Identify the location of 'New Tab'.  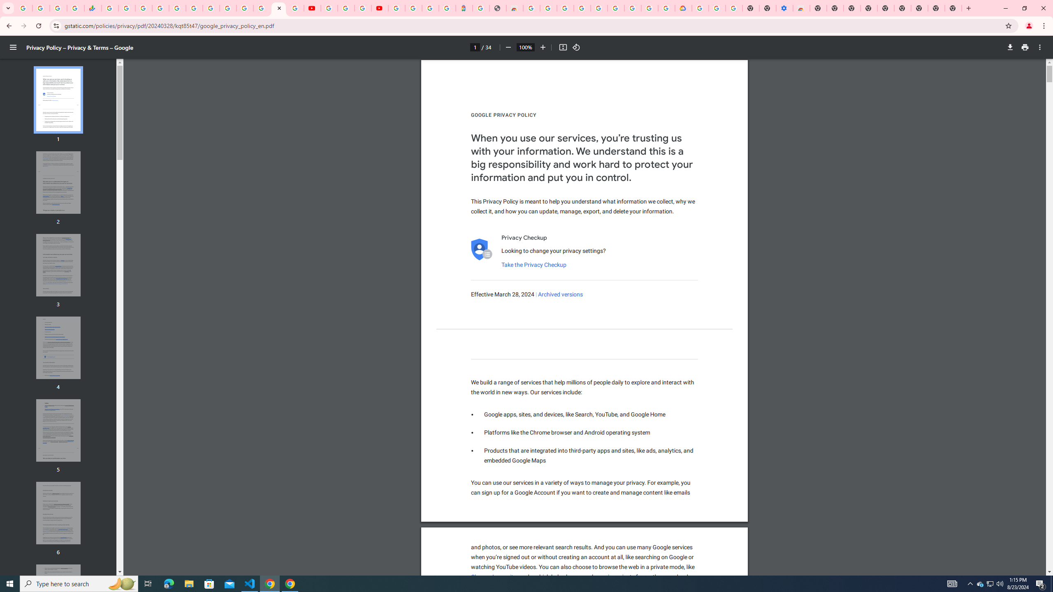
(953, 8).